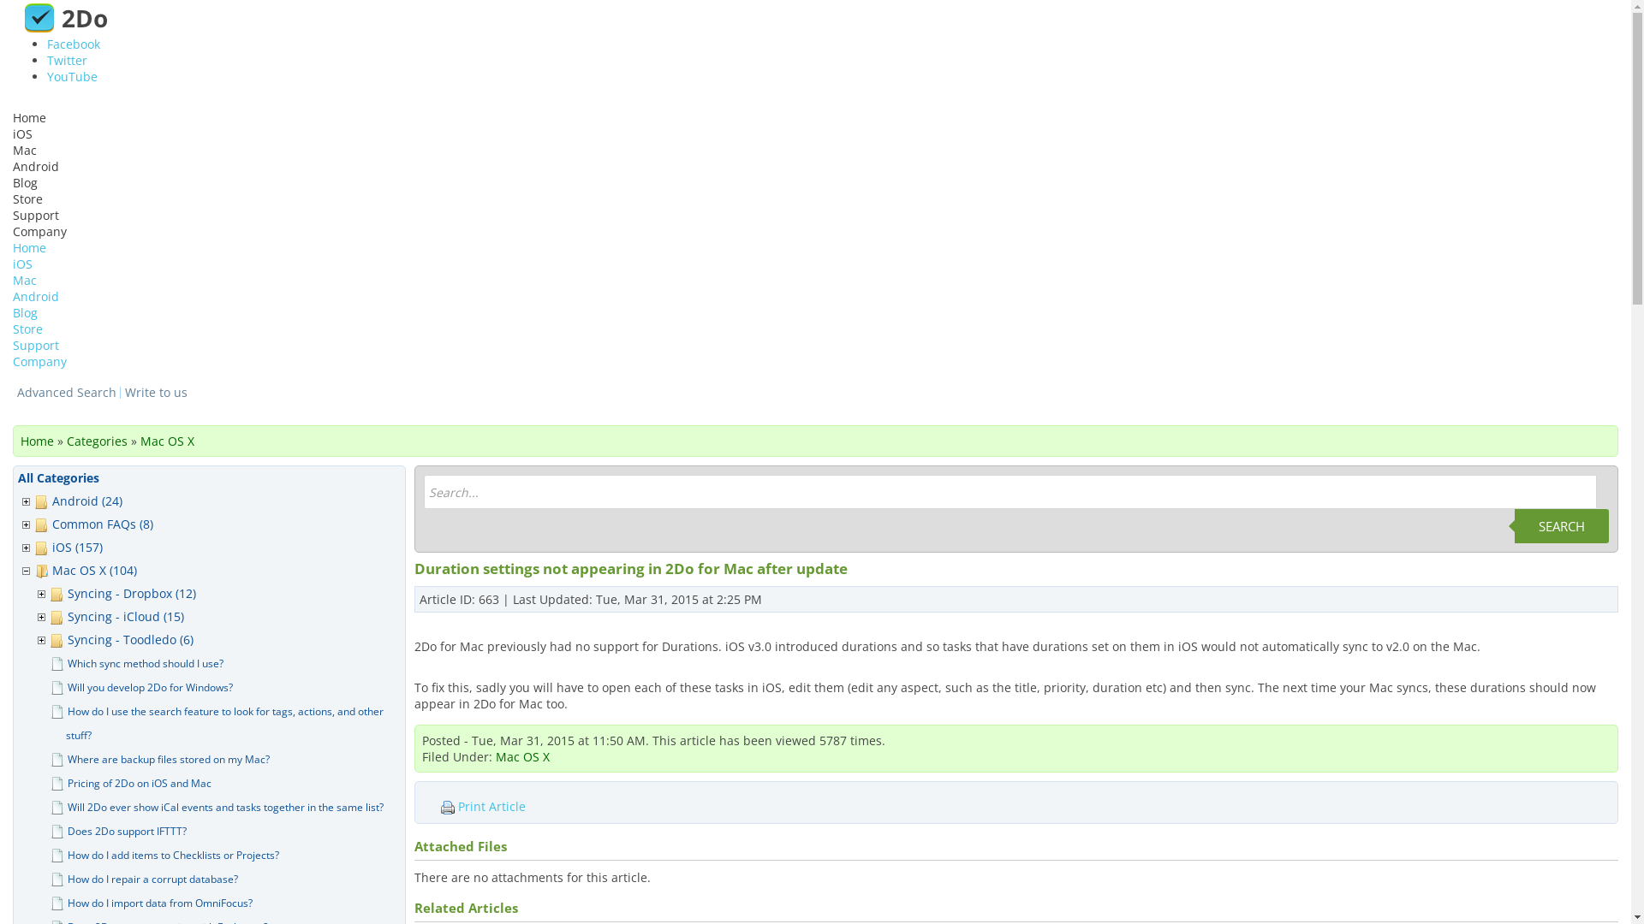 The width and height of the screenshot is (1644, 924). What do you see at coordinates (172, 758) in the screenshot?
I see `'Where are backup files stored on my Mac?'` at bounding box center [172, 758].